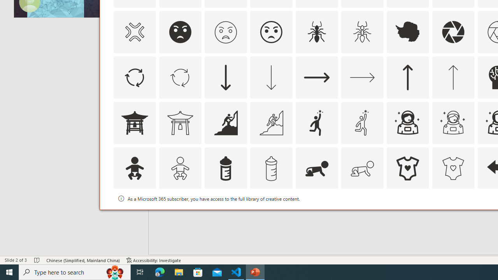 The width and height of the screenshot is (498, 280). Describe the element at coordinates (180, 77) in the screenshot. I see `'AutomationID: Icons_ArrowCircle_M'` at that location.